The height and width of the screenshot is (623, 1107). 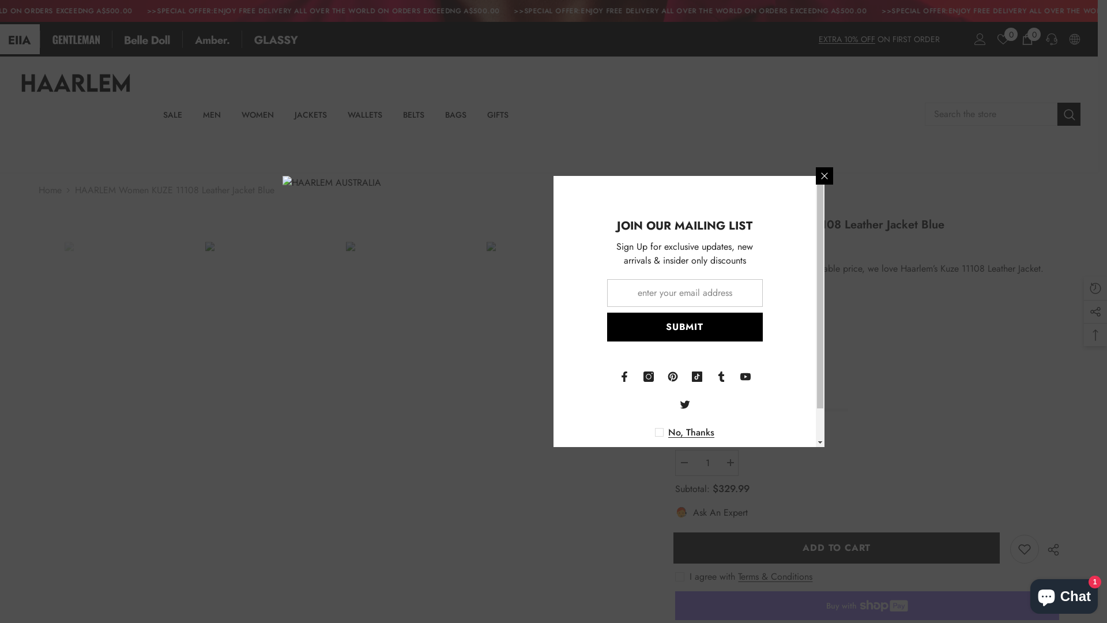 What do you see at coordinates (310, 119) in the screenshot?
I see `'JACKETS'` at bounding box center [310, 119].